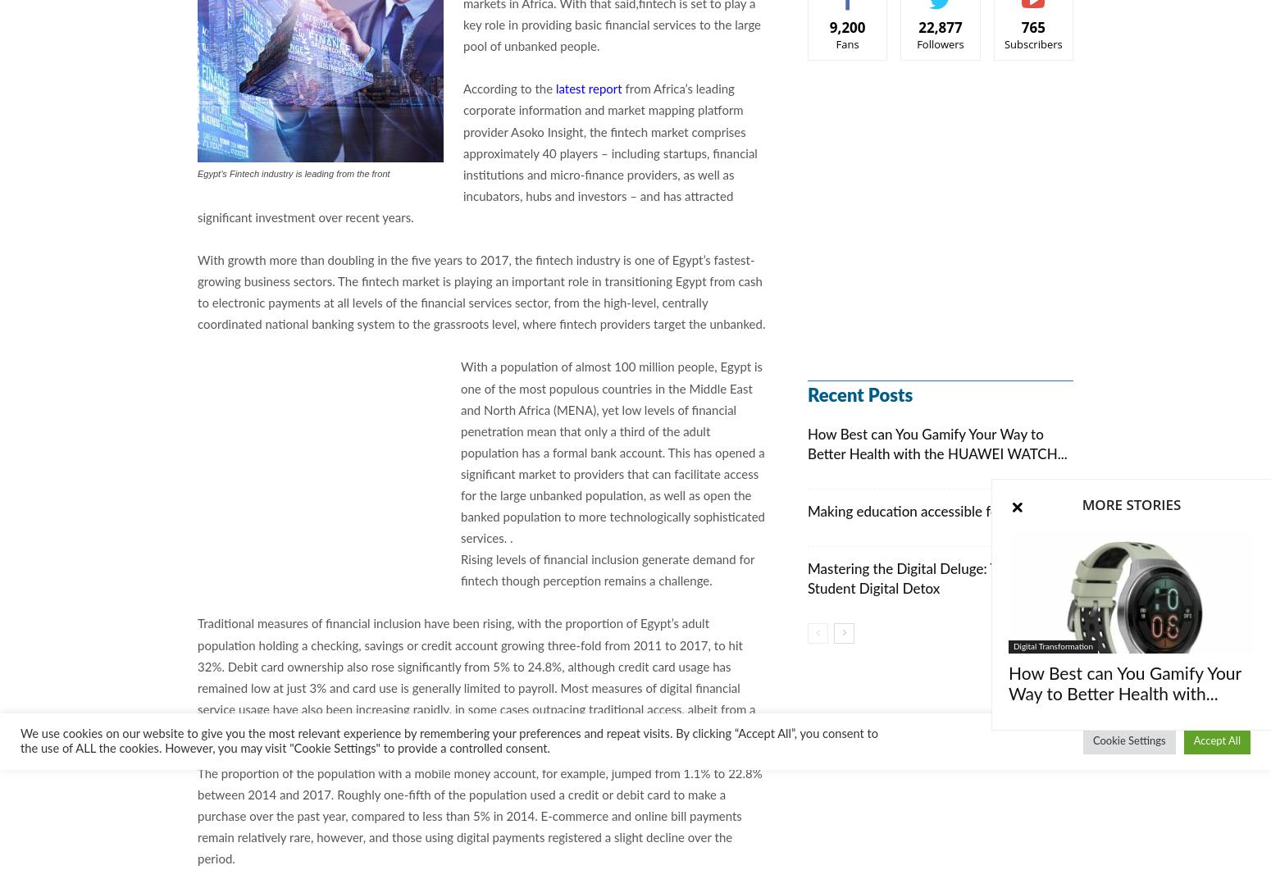  I want to click on 'Mastering the Digital Deluge: Tips for Student Digital Detox', so click(921, 578).